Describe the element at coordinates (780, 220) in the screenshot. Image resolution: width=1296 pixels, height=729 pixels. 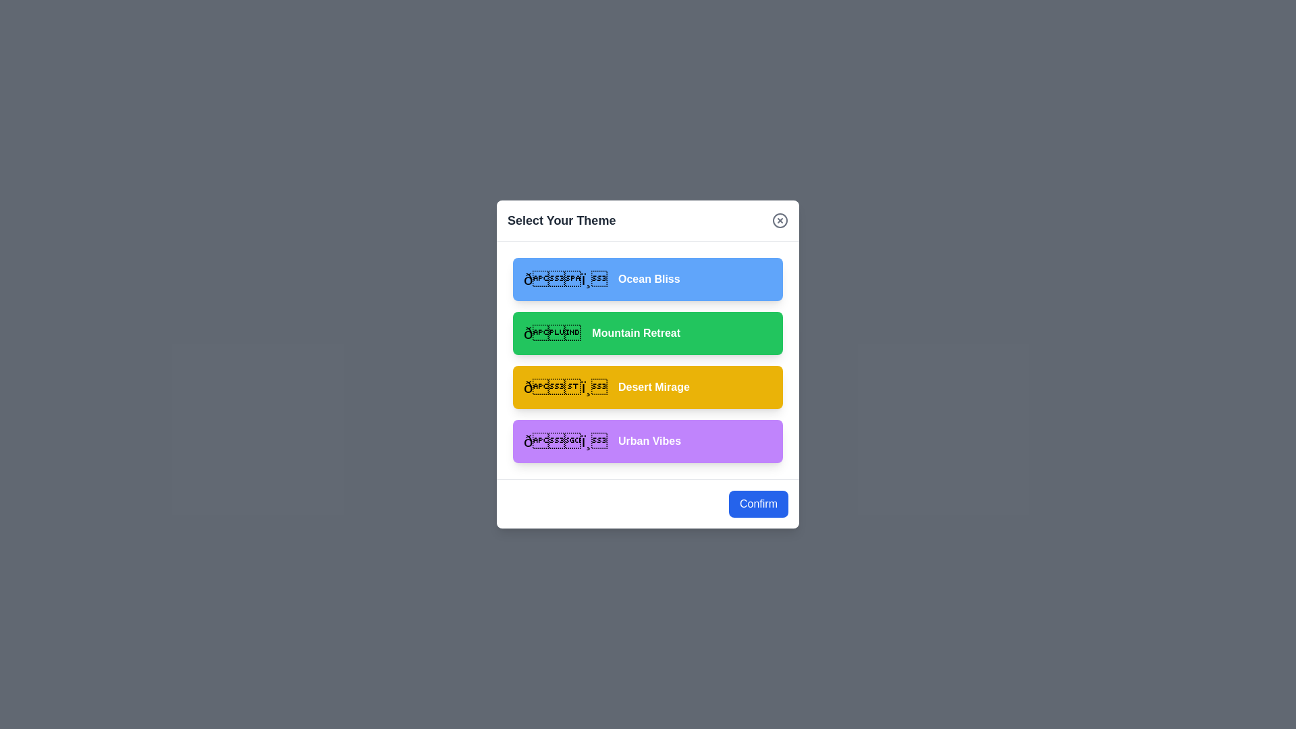
I see `the close button to close the dialog` at that location.